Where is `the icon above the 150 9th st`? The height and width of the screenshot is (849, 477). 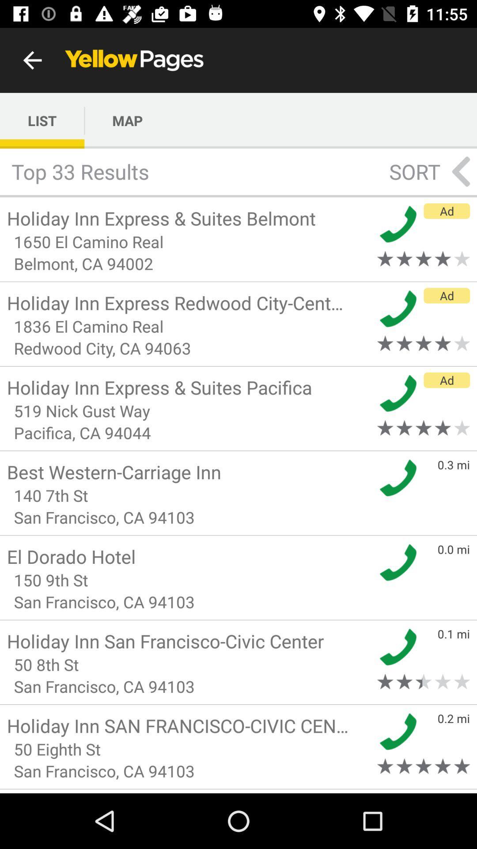
the icon above the 150 9th st is located at coordinates (189, 556).